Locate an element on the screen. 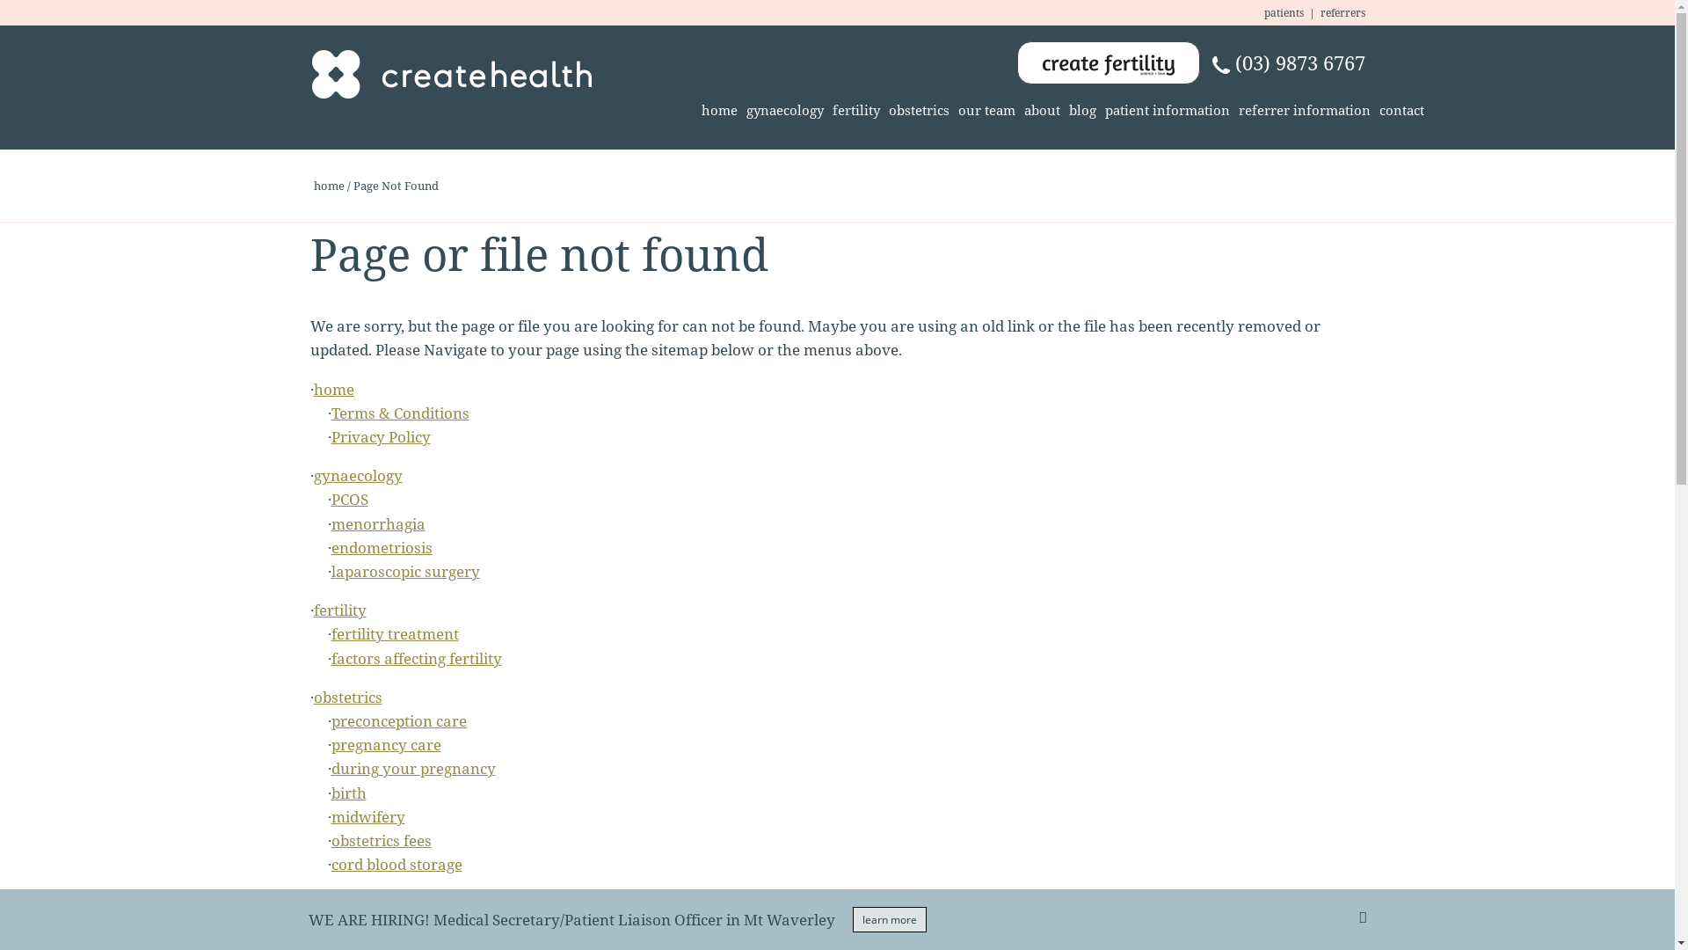 Image resolution: width=1688 pixels, height=950 pixels. 'fertility' is located at coordinates (856, 111).